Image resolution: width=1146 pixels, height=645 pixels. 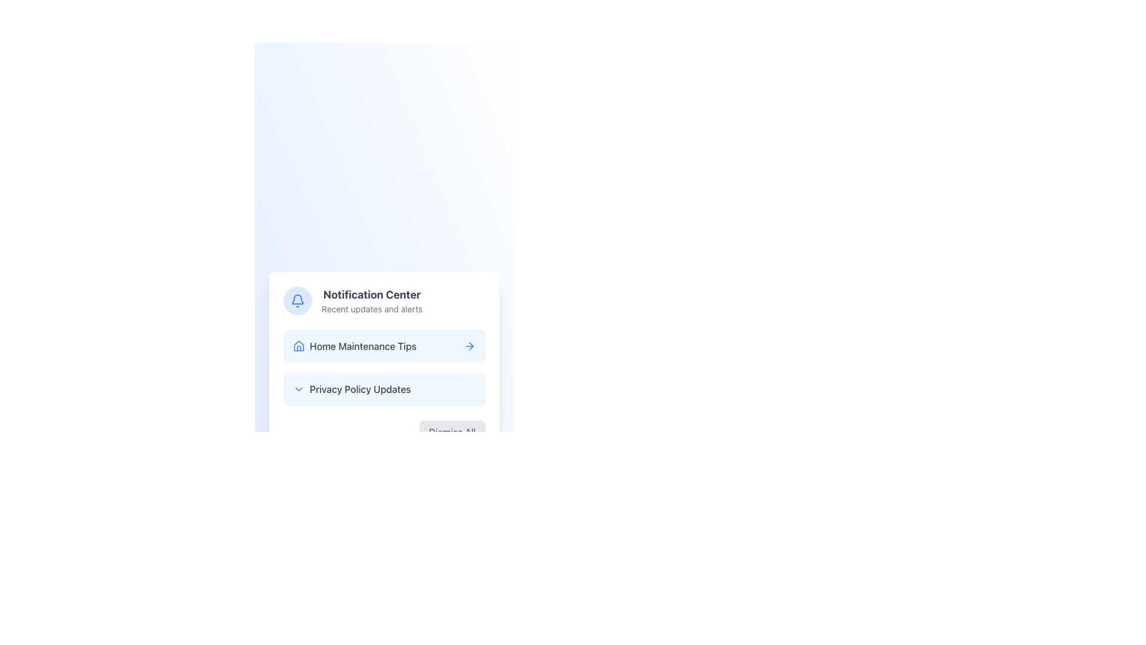 What do you see at coordinates (384, 300) in the screenshot?
I see `text content of the 'Notification Center' header, which includes the bold title and the smaller description below it` at bounding box center [384, 300].